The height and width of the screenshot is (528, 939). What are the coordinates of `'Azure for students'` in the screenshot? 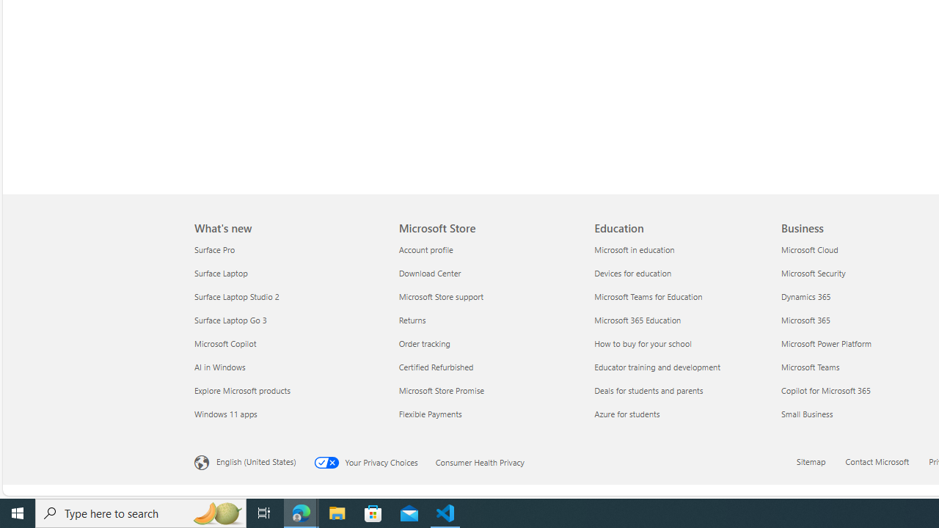 It's located at (682, 414).